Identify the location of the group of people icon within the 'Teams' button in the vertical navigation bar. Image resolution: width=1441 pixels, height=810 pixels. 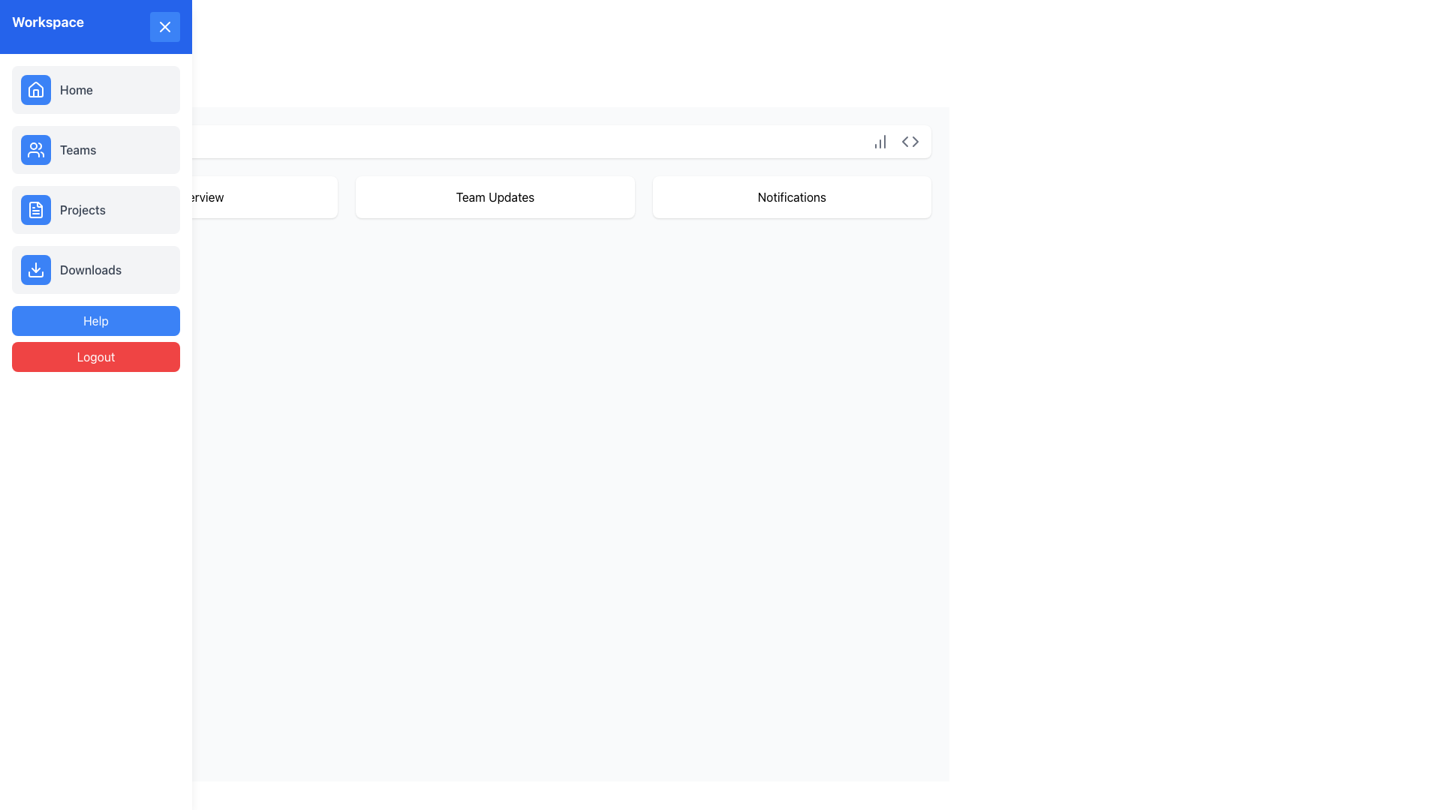
(36, 150).